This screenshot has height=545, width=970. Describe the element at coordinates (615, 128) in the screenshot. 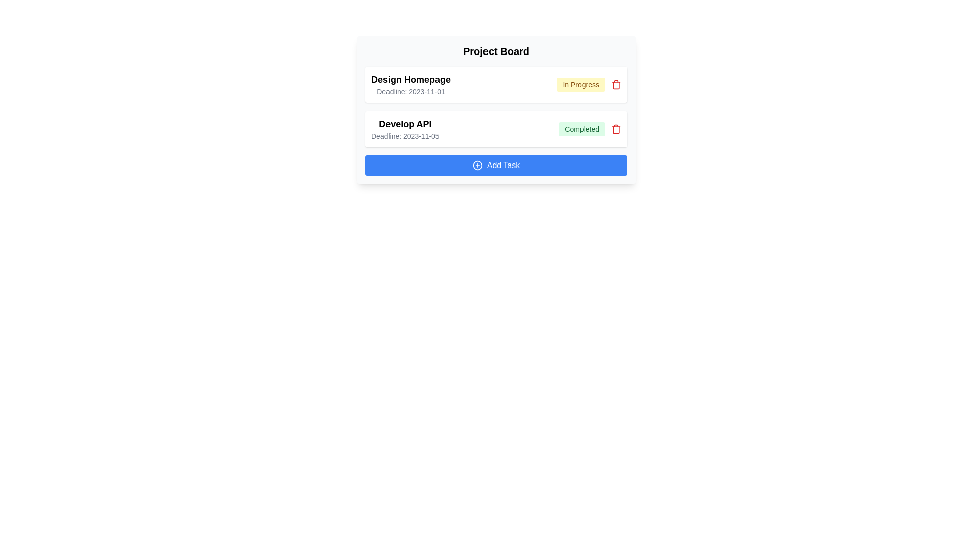

I see `the delete button for the task with the name Develop API` at that location.